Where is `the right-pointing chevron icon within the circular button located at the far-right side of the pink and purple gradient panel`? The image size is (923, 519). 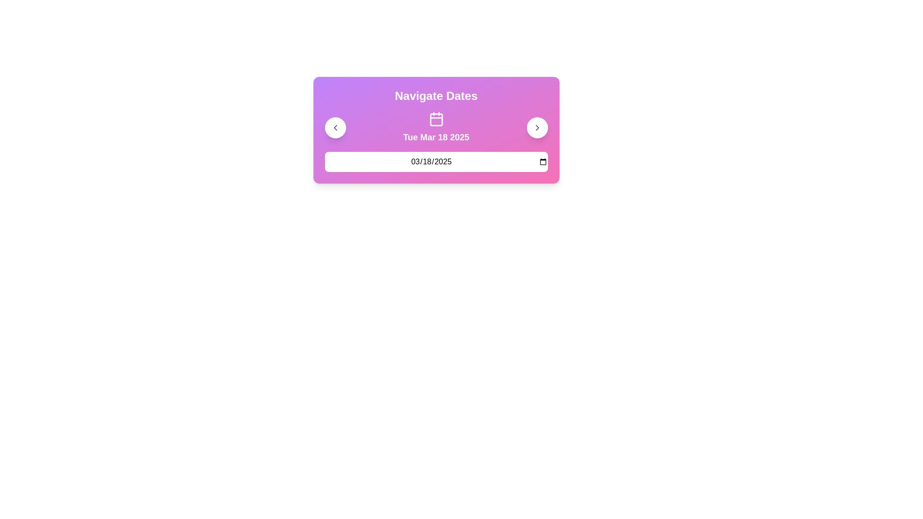 the right-pointing chevron icon within the circular button located at the far-right side of the pink and purple gradient panel is located at coordinates (536, 127).